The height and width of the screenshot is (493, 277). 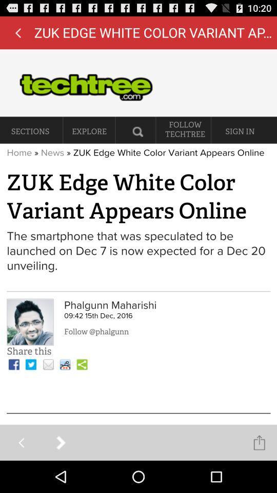 I want to click on the arrow_forward icon, so click(x=60, y=473).